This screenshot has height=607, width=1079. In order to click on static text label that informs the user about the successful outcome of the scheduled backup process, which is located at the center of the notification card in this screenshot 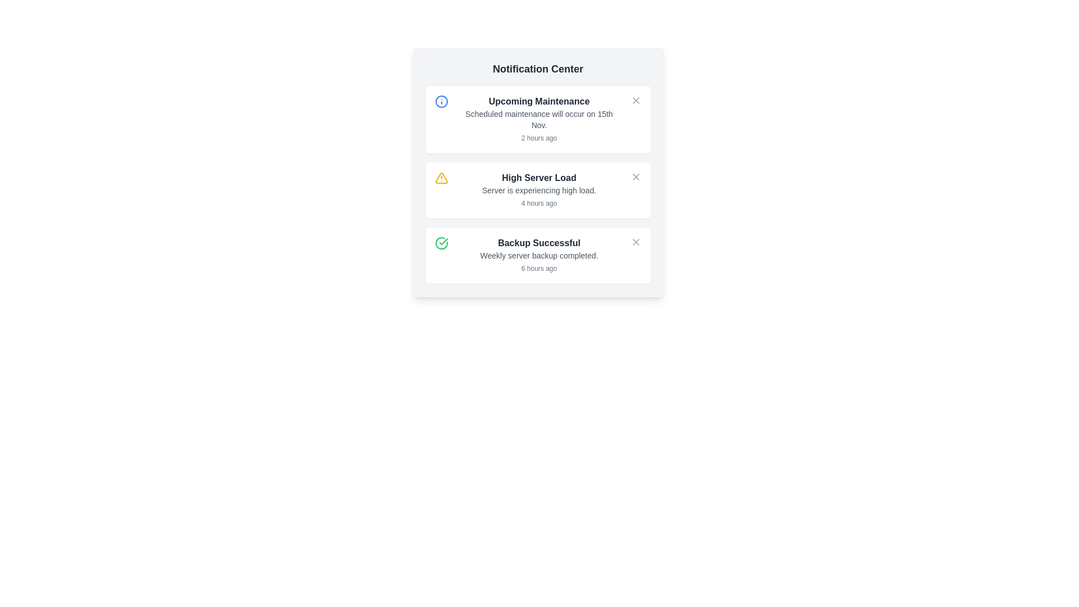, I will do `click(538, 242)`.